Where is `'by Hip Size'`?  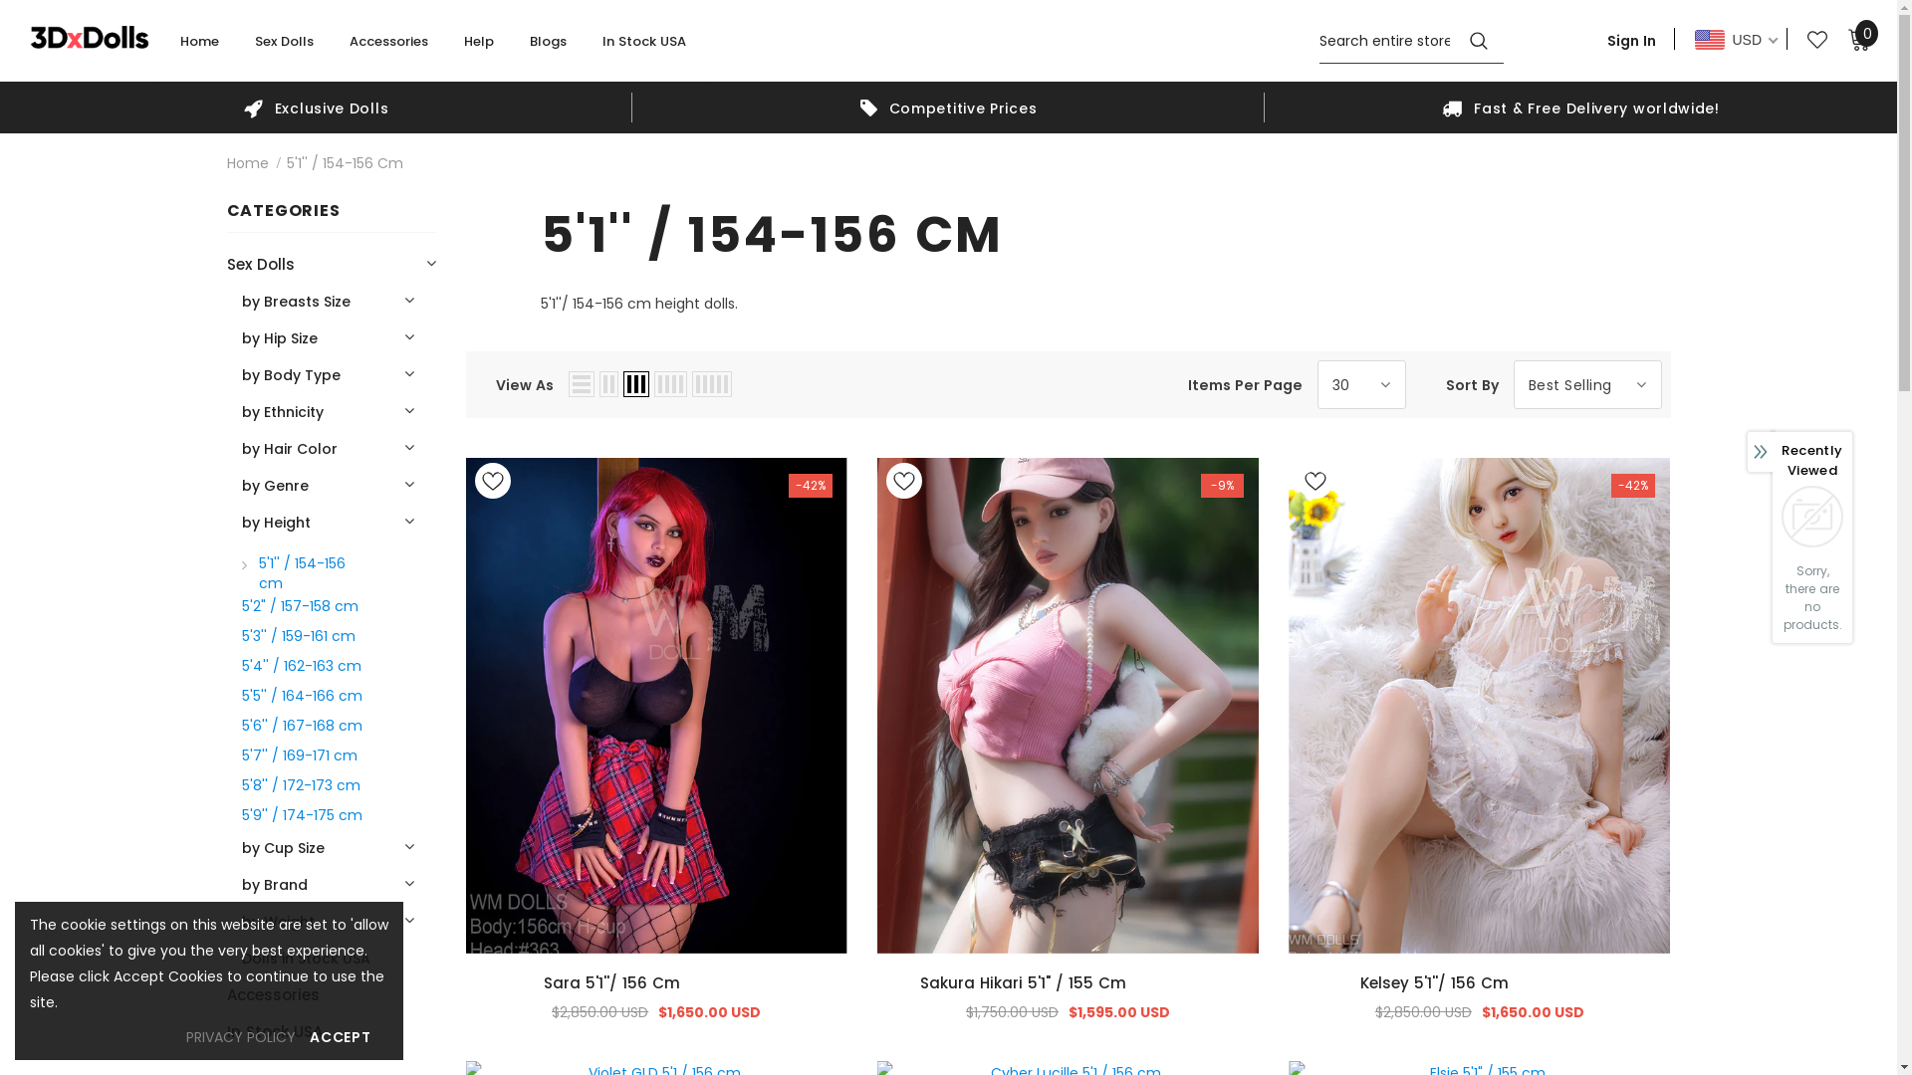
'by Hip Size' is located at coordinates (277, 336).